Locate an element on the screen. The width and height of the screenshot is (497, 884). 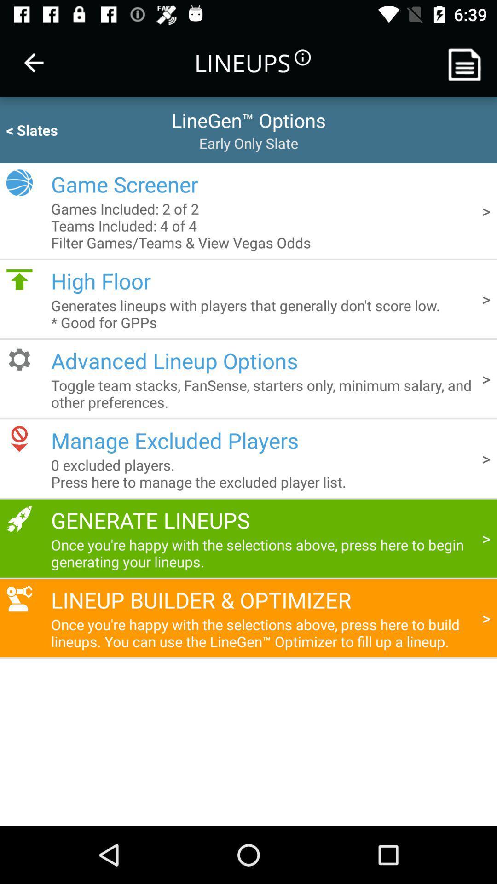
icon next to the lineups icon is located at coordinates (33, 62).